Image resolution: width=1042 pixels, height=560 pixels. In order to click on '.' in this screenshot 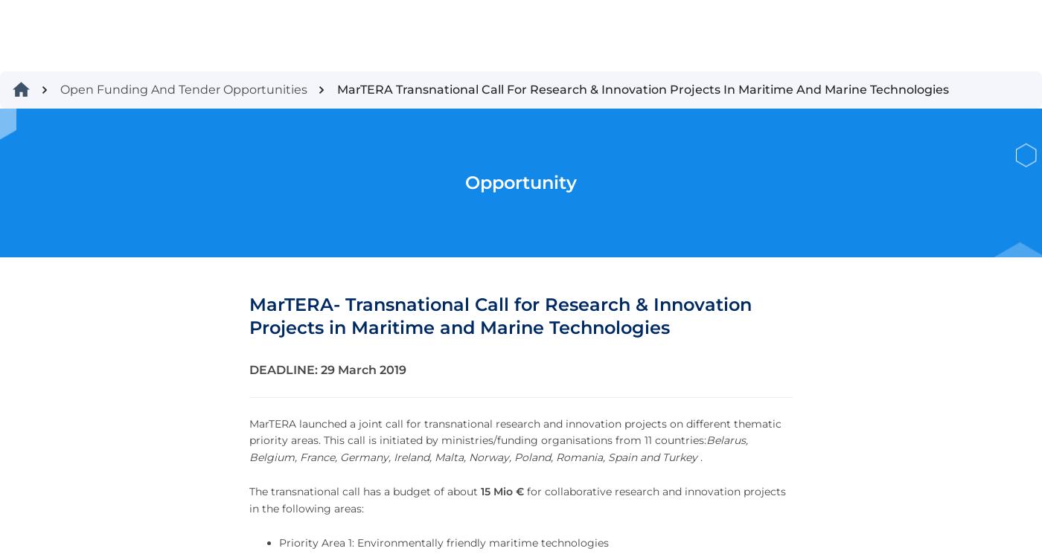, I will do `click(914, 371)`.